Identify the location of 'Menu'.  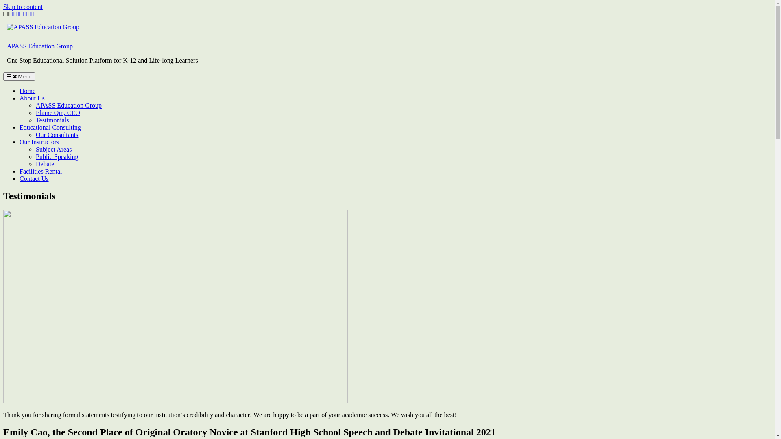
(19, 76).